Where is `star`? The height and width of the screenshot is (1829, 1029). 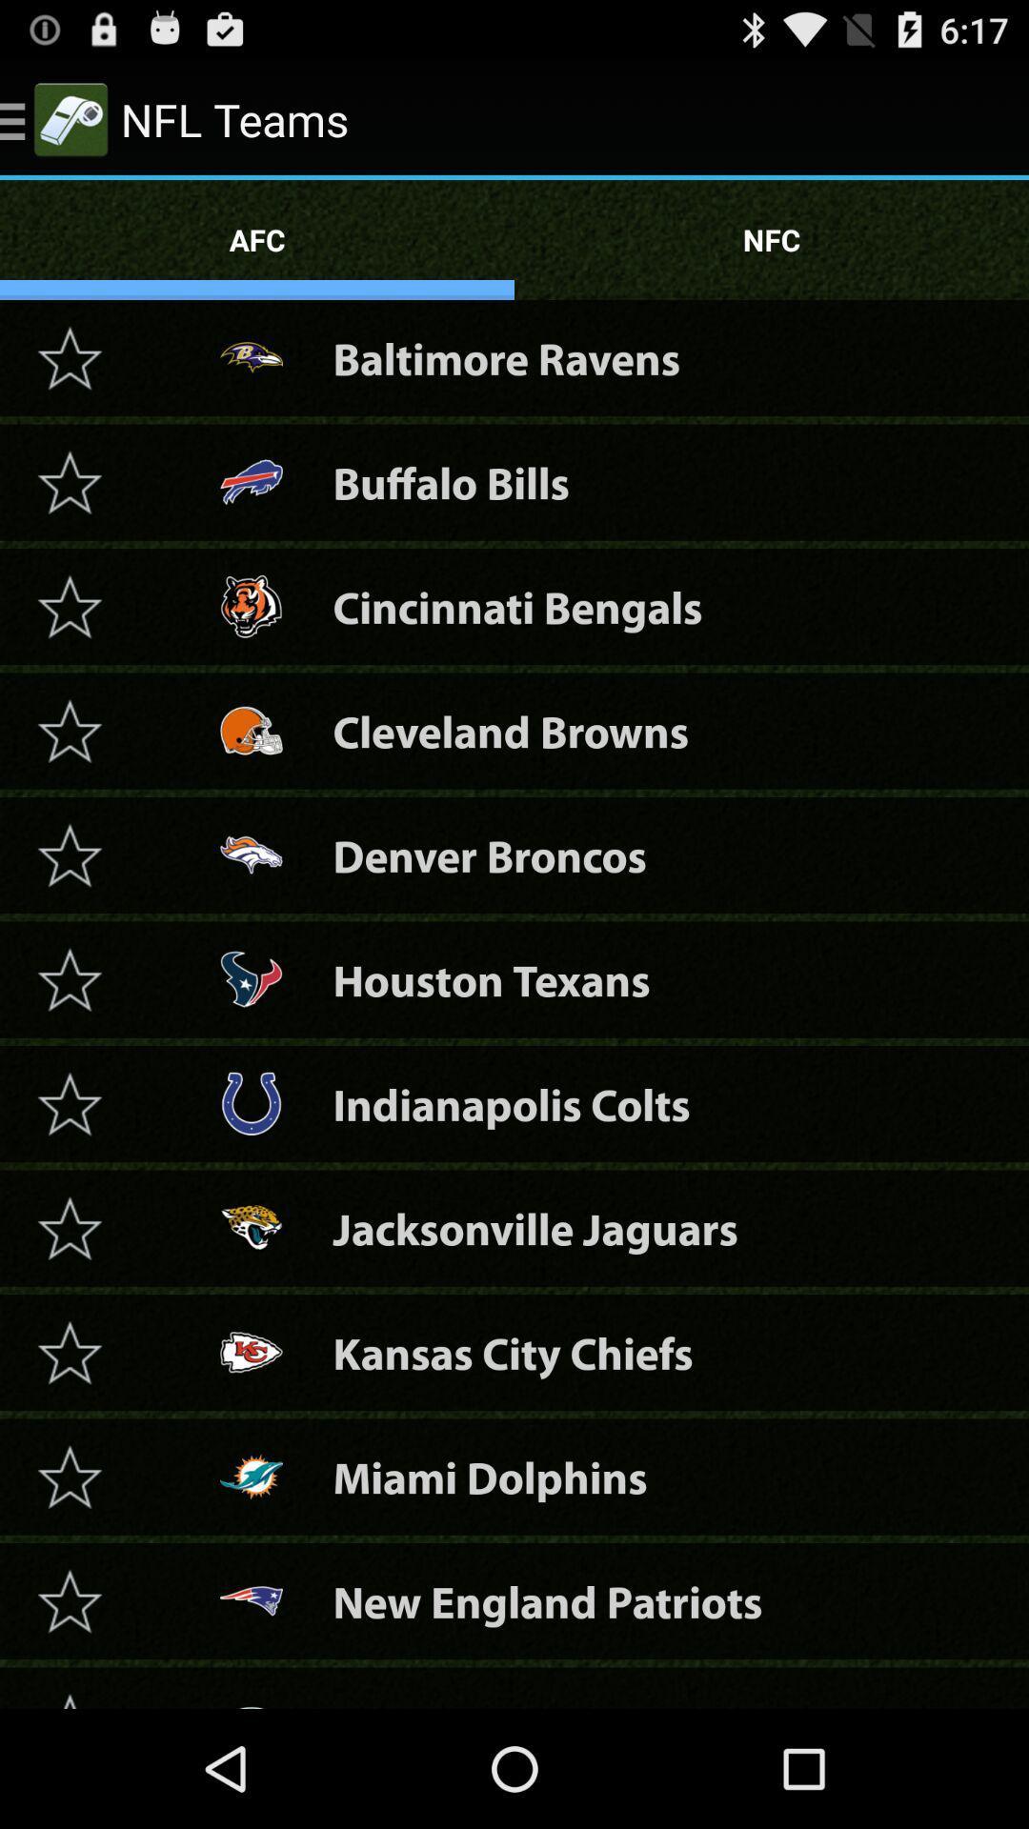 star is located at coordinates (69, 1351).